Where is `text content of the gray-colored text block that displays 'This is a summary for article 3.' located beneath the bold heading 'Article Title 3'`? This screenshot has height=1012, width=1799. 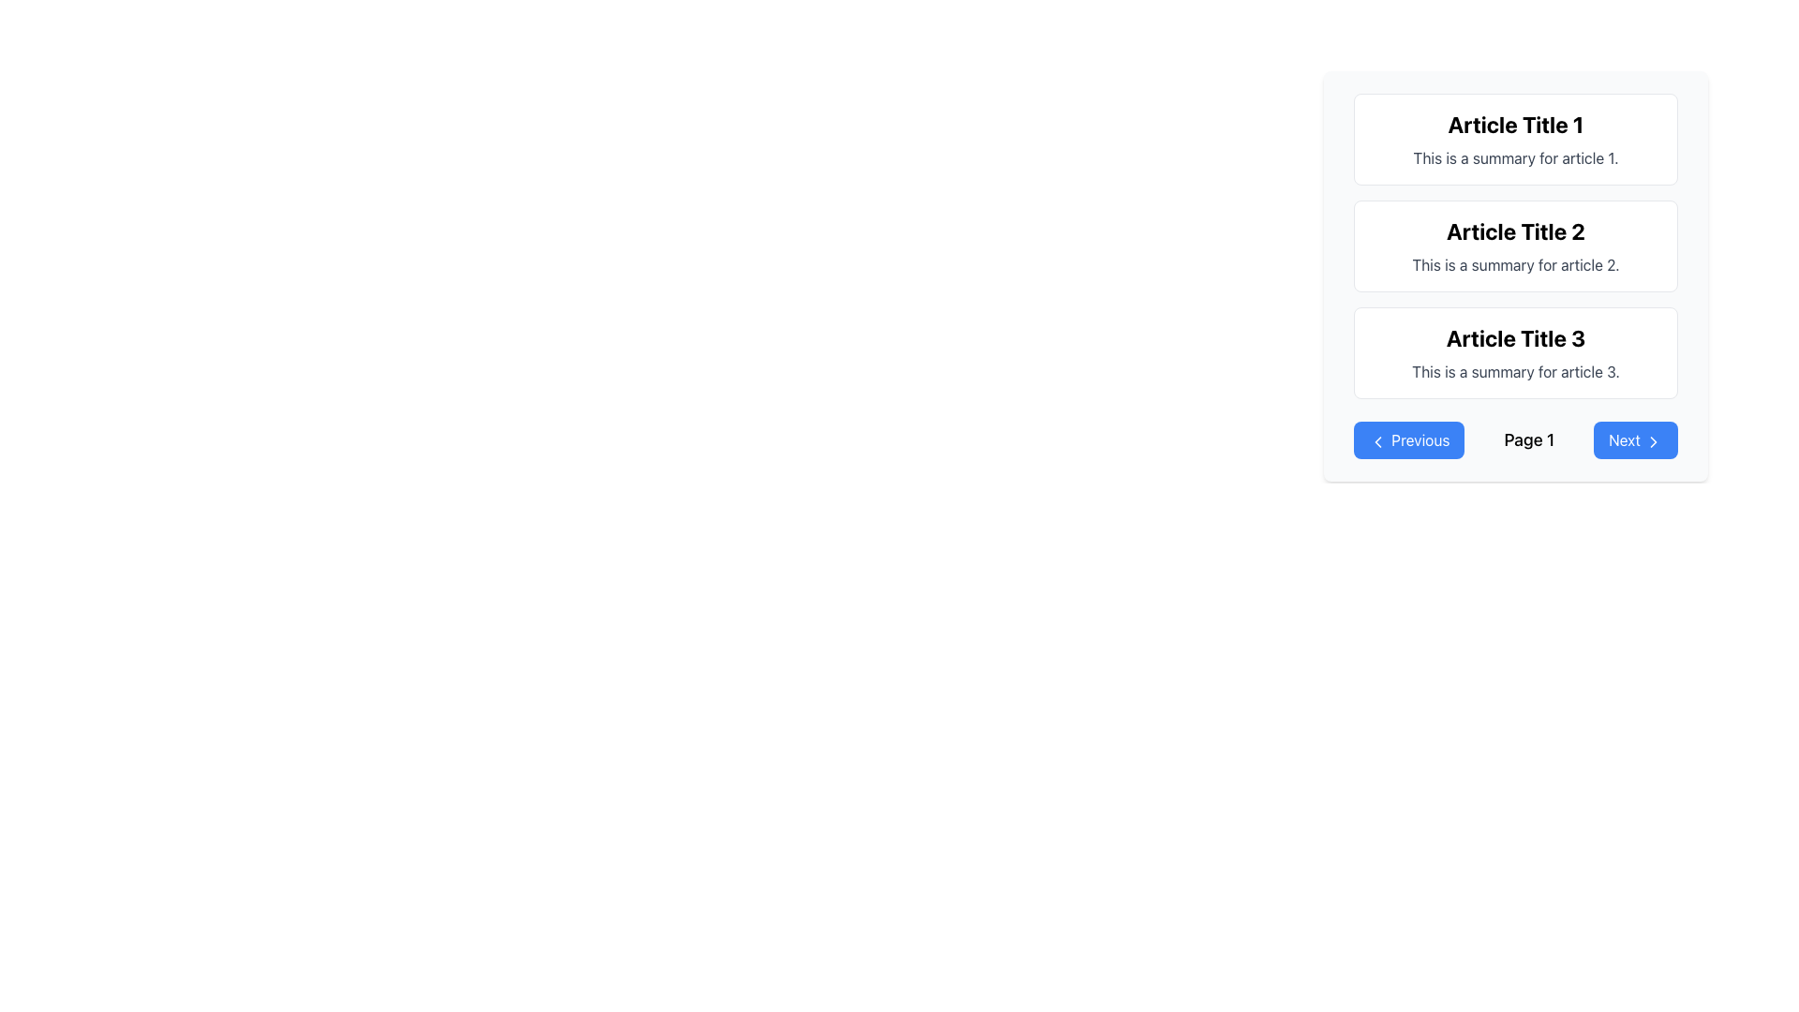
text content of the gray-colored text block that displays 'This is a summary for article 3.' located beneath the bold heading 'Article Title 3' is located at coordinates (1515, 372).